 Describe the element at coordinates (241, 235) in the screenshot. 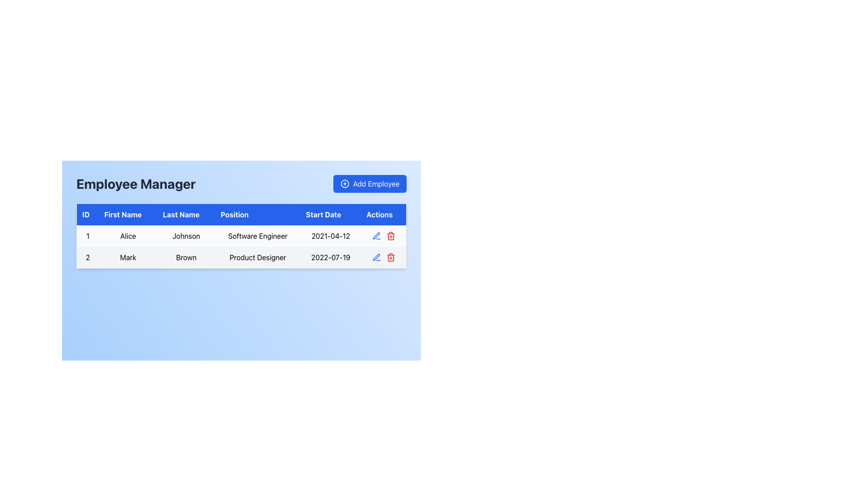

I see `the first row in the employee details table that presents information for '1 Alice Johnson', including action buttons for editing and deleting` at that location.